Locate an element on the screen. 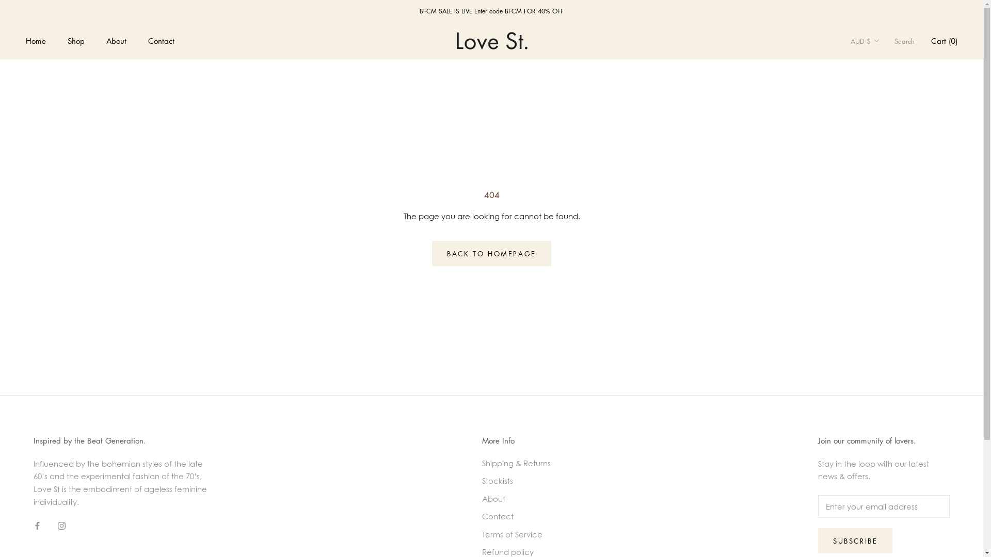  'Cart (0)' is located at coordinates (931, 40).